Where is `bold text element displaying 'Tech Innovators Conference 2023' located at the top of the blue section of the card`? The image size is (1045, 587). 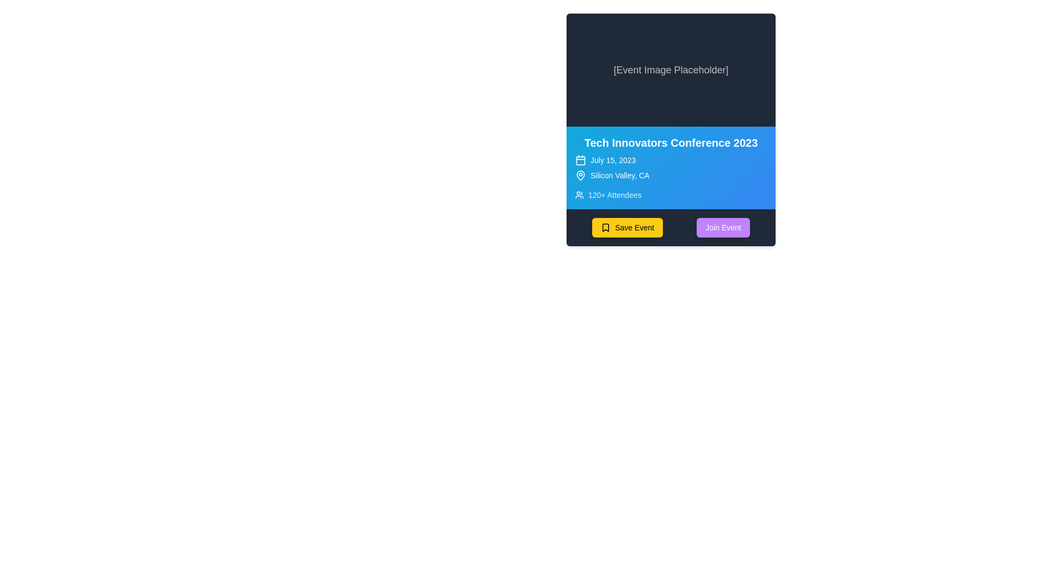
bold text element displaying 'Tech Innovators Conference 2023' located at the top of the blue section of the card is located at coordinates (671, 142).